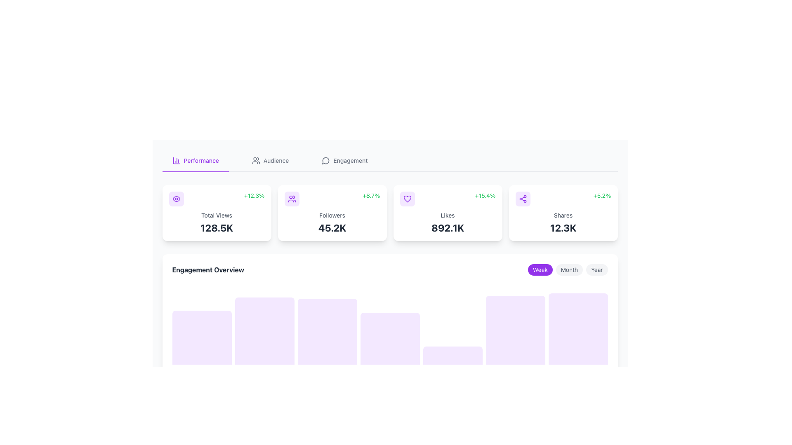  I want to click on the third bar in the row of seven bars within the 'Engagement Overview' section, which visually represents a data point in a bar chart, so click(327, 331).